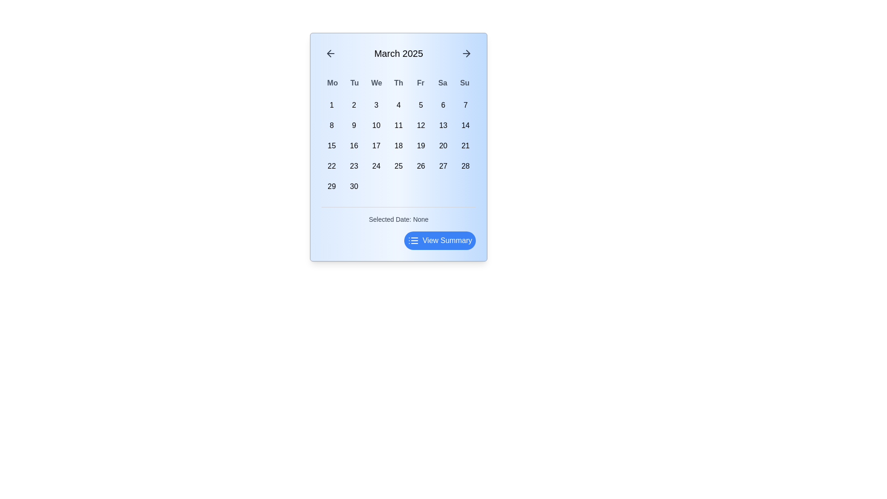 The height and width of the screenshot is (499, 887). What do you see at coordinates (399, 146) in the screenshot?
I see `the selectable day button representing the date '18' in the calendar interface` at bounding box center [399, 146].